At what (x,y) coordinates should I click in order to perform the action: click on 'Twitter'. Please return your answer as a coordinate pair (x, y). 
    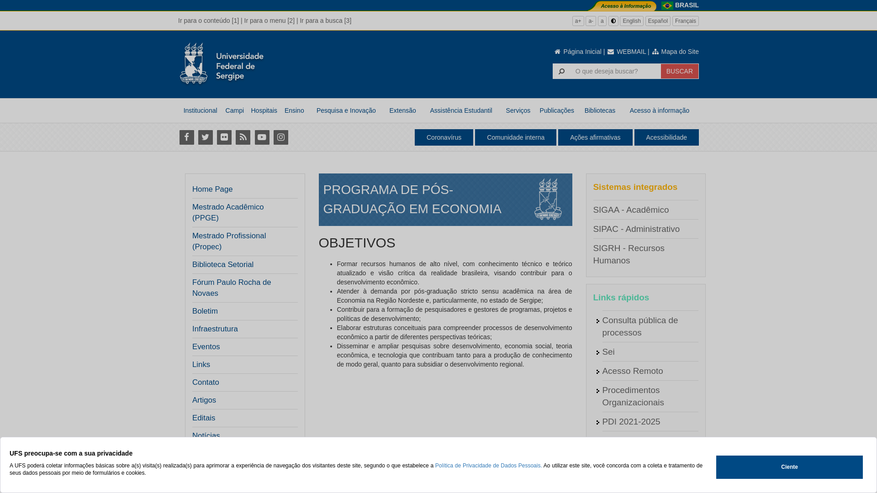
    Looking at the image, I should click on (205, 137).